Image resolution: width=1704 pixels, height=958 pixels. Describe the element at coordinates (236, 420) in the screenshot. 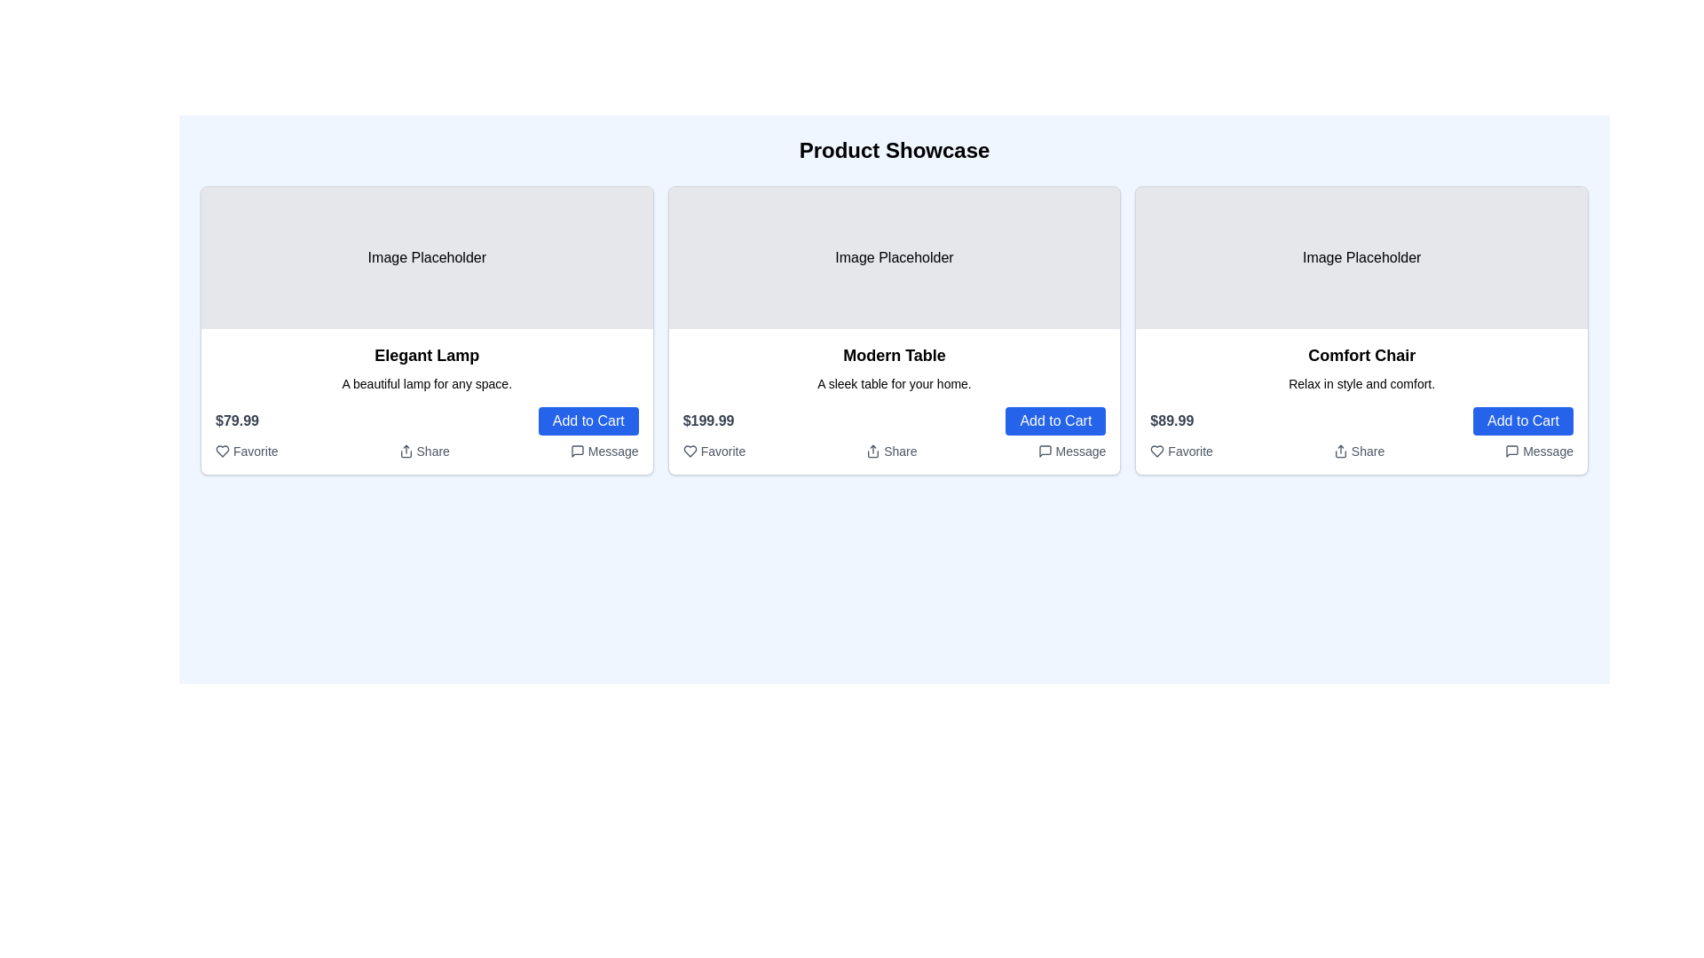

I see `displayed price of '$79.99', which is bold and dark gray, located at the bottom-left corner of the product card, adjacent to the 'Add to Cart' button` at that location.